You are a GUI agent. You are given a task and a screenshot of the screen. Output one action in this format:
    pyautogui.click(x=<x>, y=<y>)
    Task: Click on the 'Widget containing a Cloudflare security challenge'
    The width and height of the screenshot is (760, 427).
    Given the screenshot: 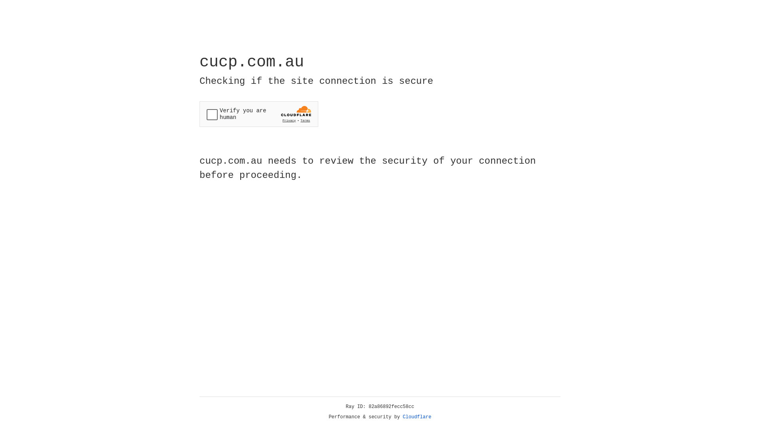 What is the action you would take?
    pyautogui.click(x=258, y=114)
    